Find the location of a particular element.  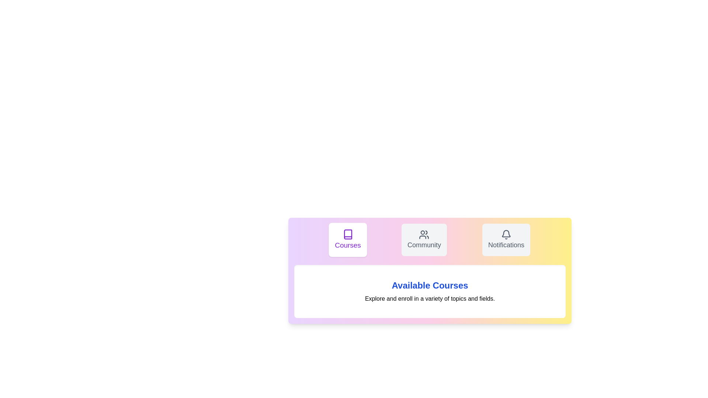

the Community tab is located at coordinates (424, 240).